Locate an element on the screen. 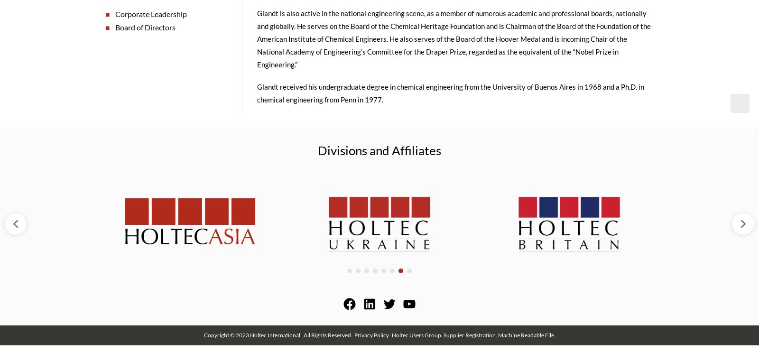 The height and width of the screenshot is (352, 759). 'Holtec Asia' is located at coordinates (189, 179).